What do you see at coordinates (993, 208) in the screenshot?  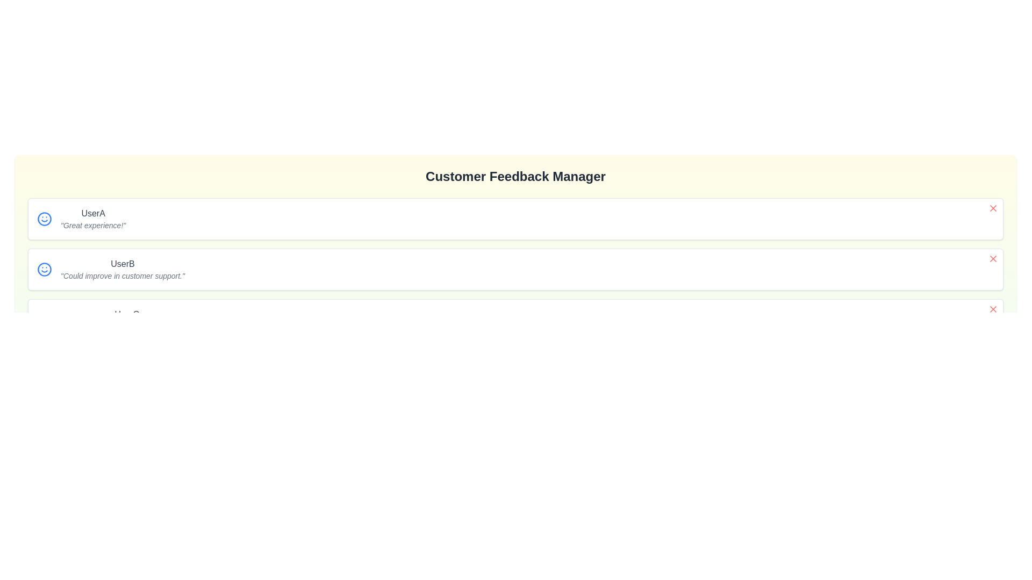 I see `the feedback entry for user UserA` at bounding box center [993, 208].